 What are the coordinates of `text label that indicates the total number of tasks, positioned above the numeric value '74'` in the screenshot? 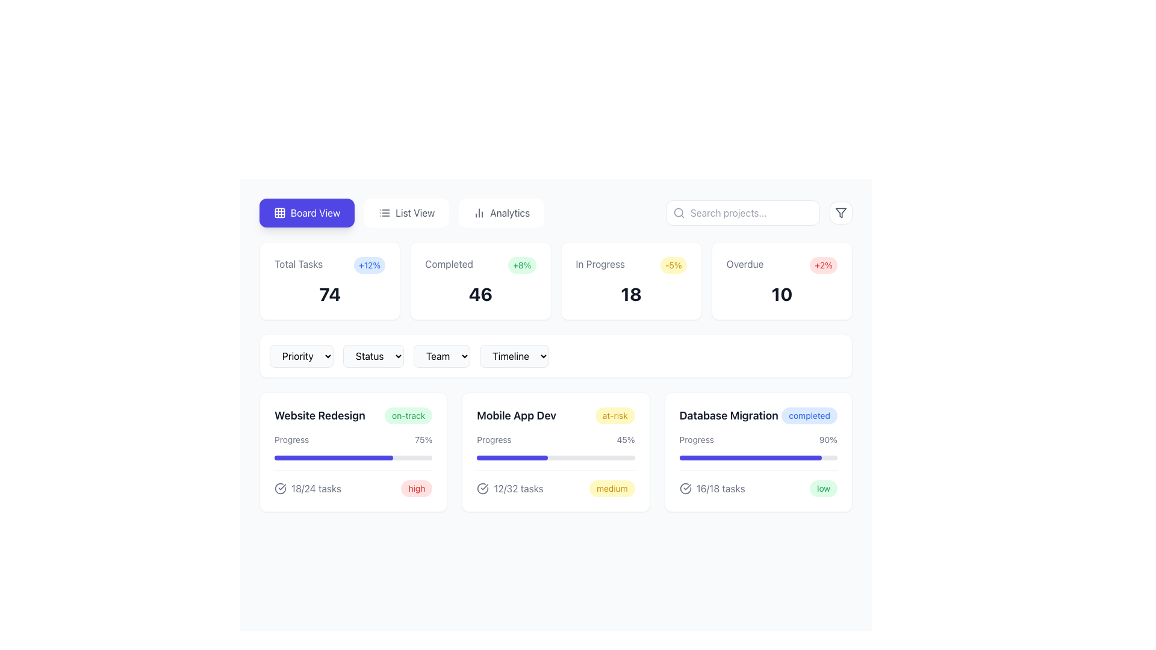 It's located at (299, 264).